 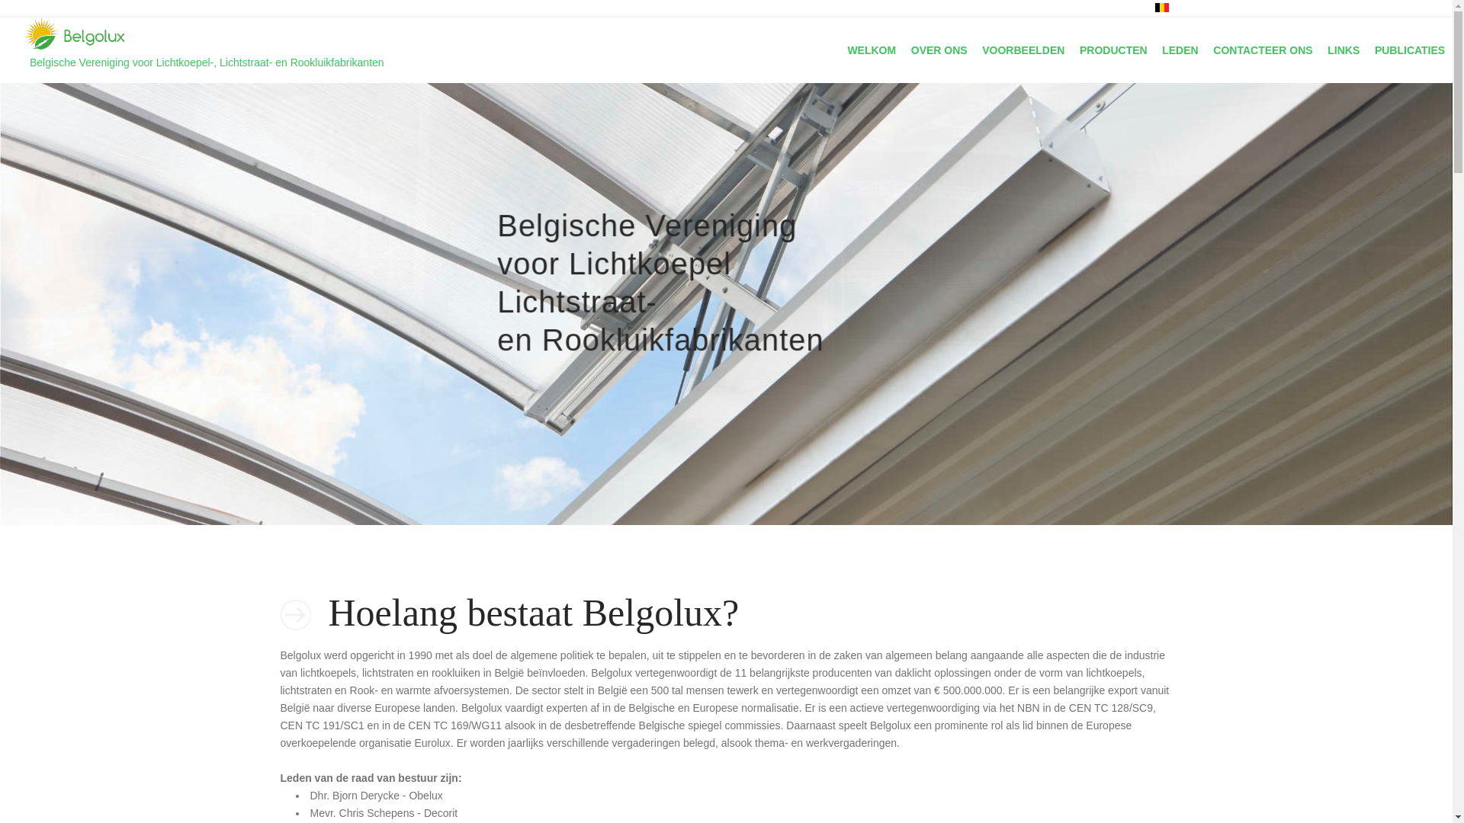 What do you see at coordinates (1408, 49) in the screenshot?
I see `'PUBLICATIES'` at bounding box center [1408, 49].